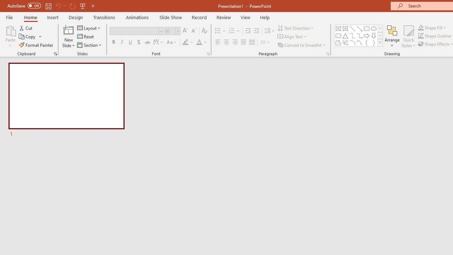 The image size is (453, 255). I want to click on 'Shadow', so click(139, 42).